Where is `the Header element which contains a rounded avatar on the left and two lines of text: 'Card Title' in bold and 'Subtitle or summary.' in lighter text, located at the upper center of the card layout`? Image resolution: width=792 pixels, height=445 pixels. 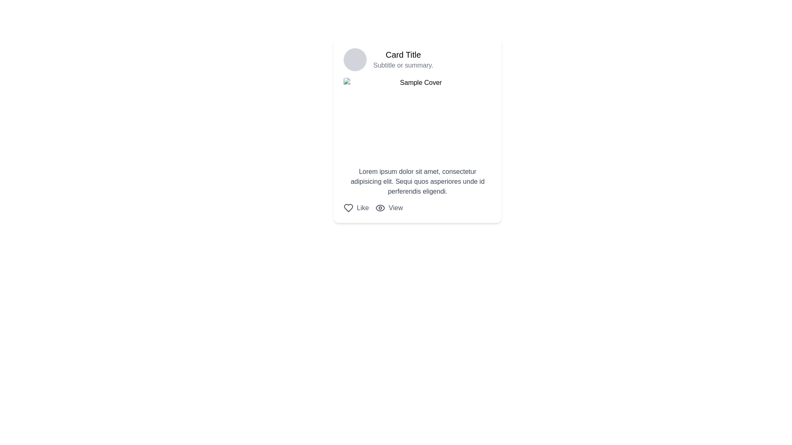 the Header element which contains a rounded avatar on the left and two lines of text: 'Card Title' in bold and 'Subtitle or summary.' in lighter text, located at the upper center of the card layout is located at coordinates (417, 59).